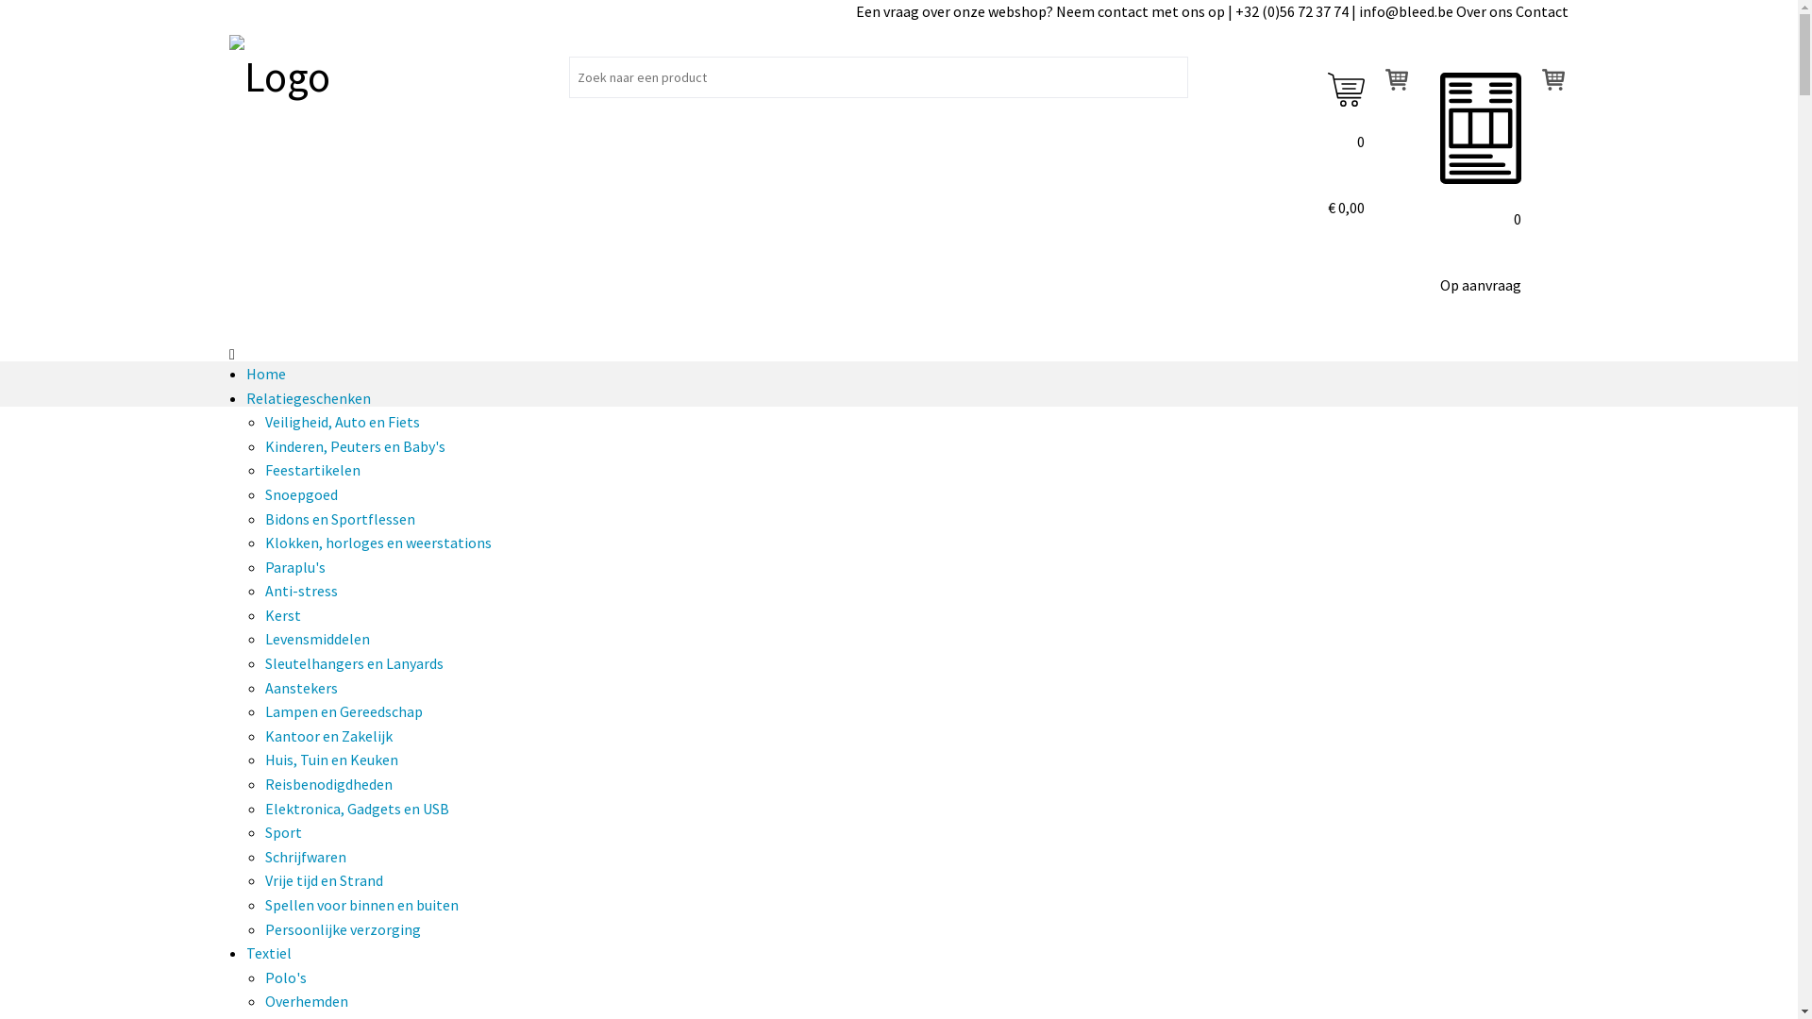  What do you see at coordinates (264, 542) in the screenshot?
I see `'Klokken, horloges en weerstations'` at bounding box center [264, 542].